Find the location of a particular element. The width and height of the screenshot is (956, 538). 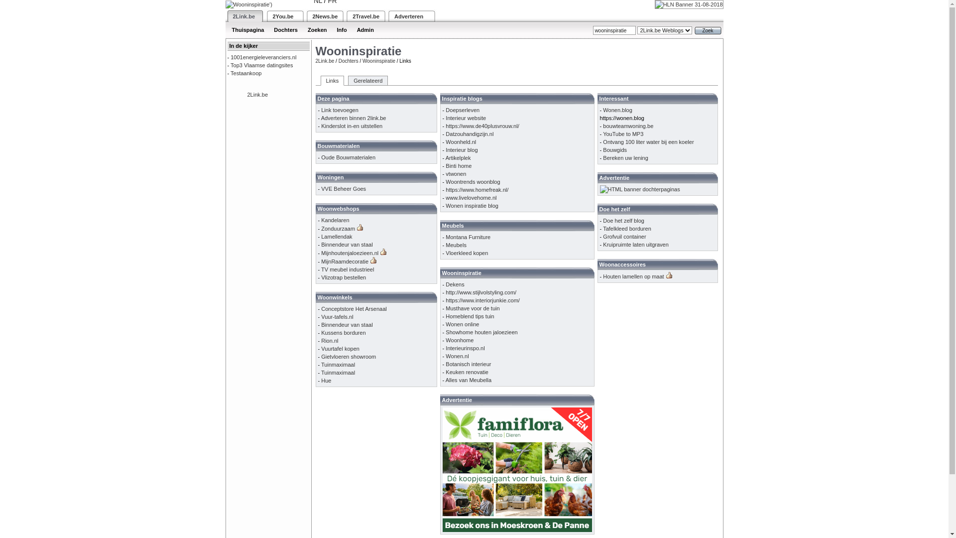

'2Link.be' is located at coordinates (244, 16).